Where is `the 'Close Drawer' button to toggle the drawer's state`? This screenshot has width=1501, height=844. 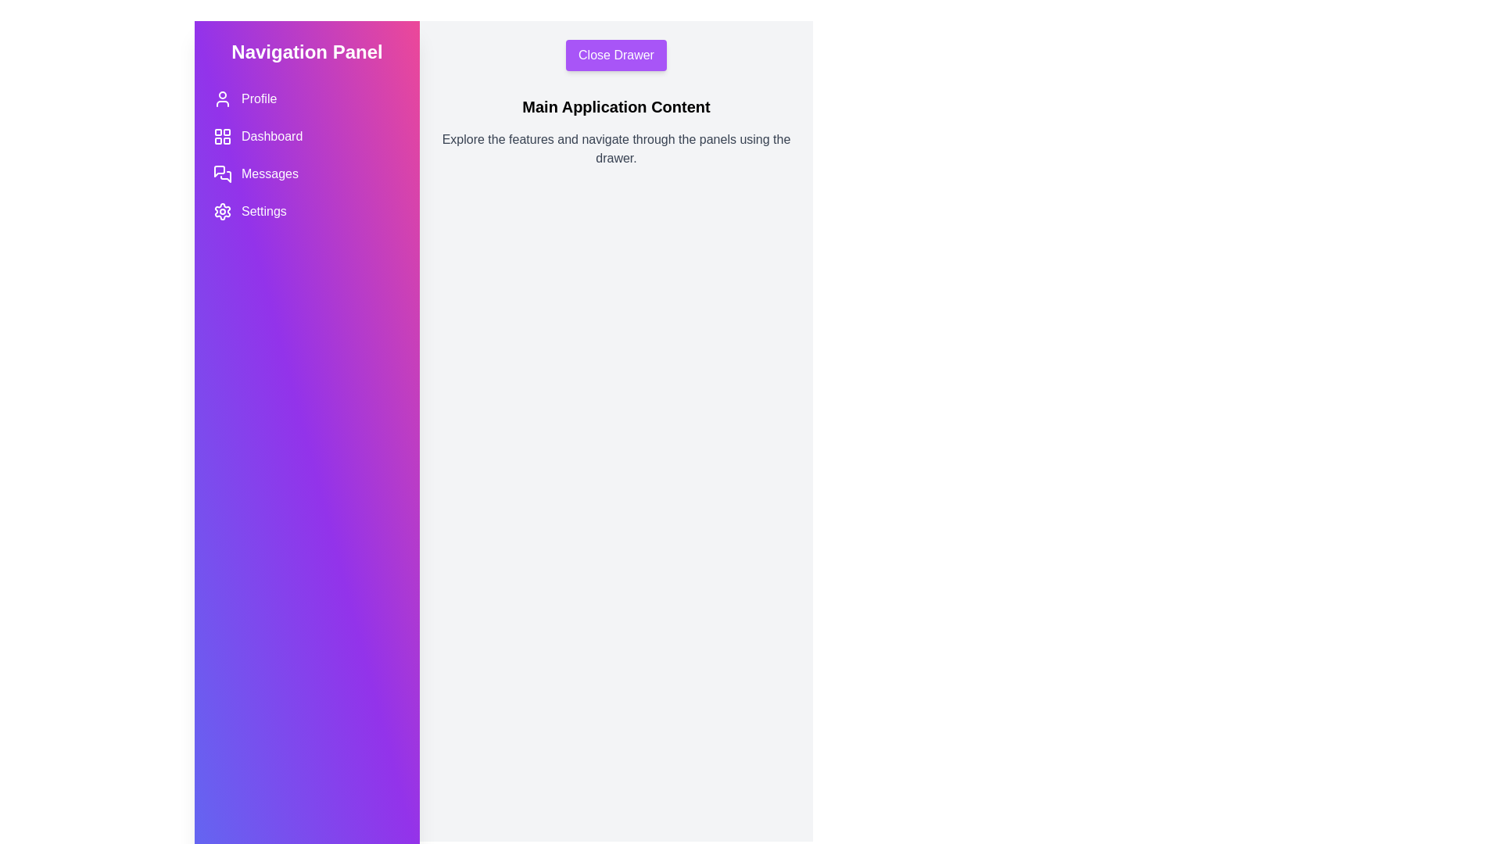 the 'Close Drawer' button to toggle the drawer's state is located at coordinates (614, 54).